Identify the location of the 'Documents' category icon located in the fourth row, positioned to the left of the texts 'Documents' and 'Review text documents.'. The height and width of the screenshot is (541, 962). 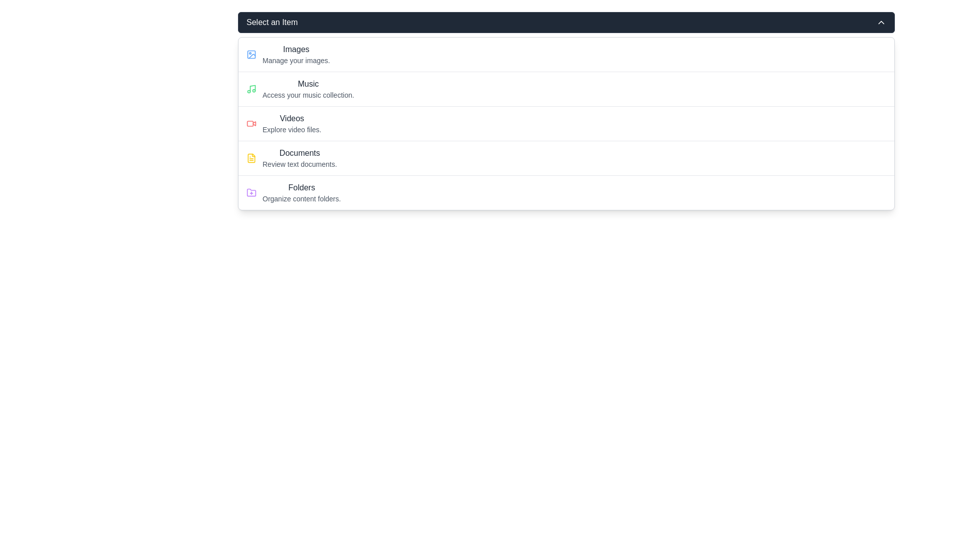
(252, 158).